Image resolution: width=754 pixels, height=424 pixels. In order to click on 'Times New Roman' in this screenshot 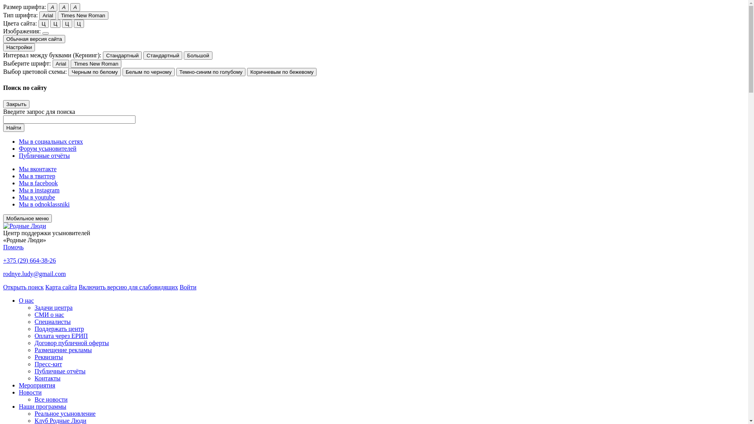, I will do `click(83, 15)`.